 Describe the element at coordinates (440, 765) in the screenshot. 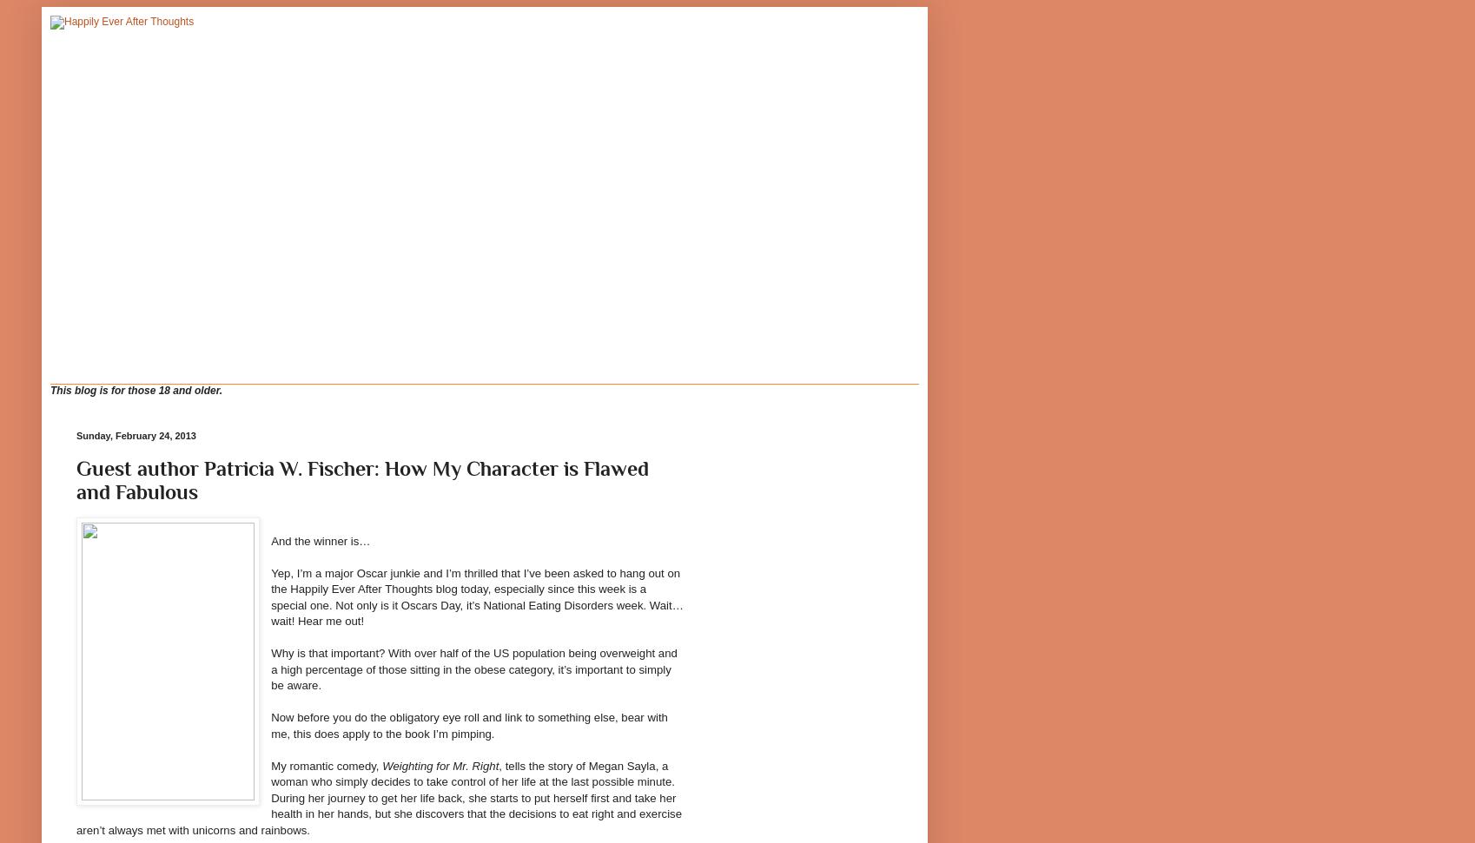

I see `'Weighting
for Mr. Right'` at that location.